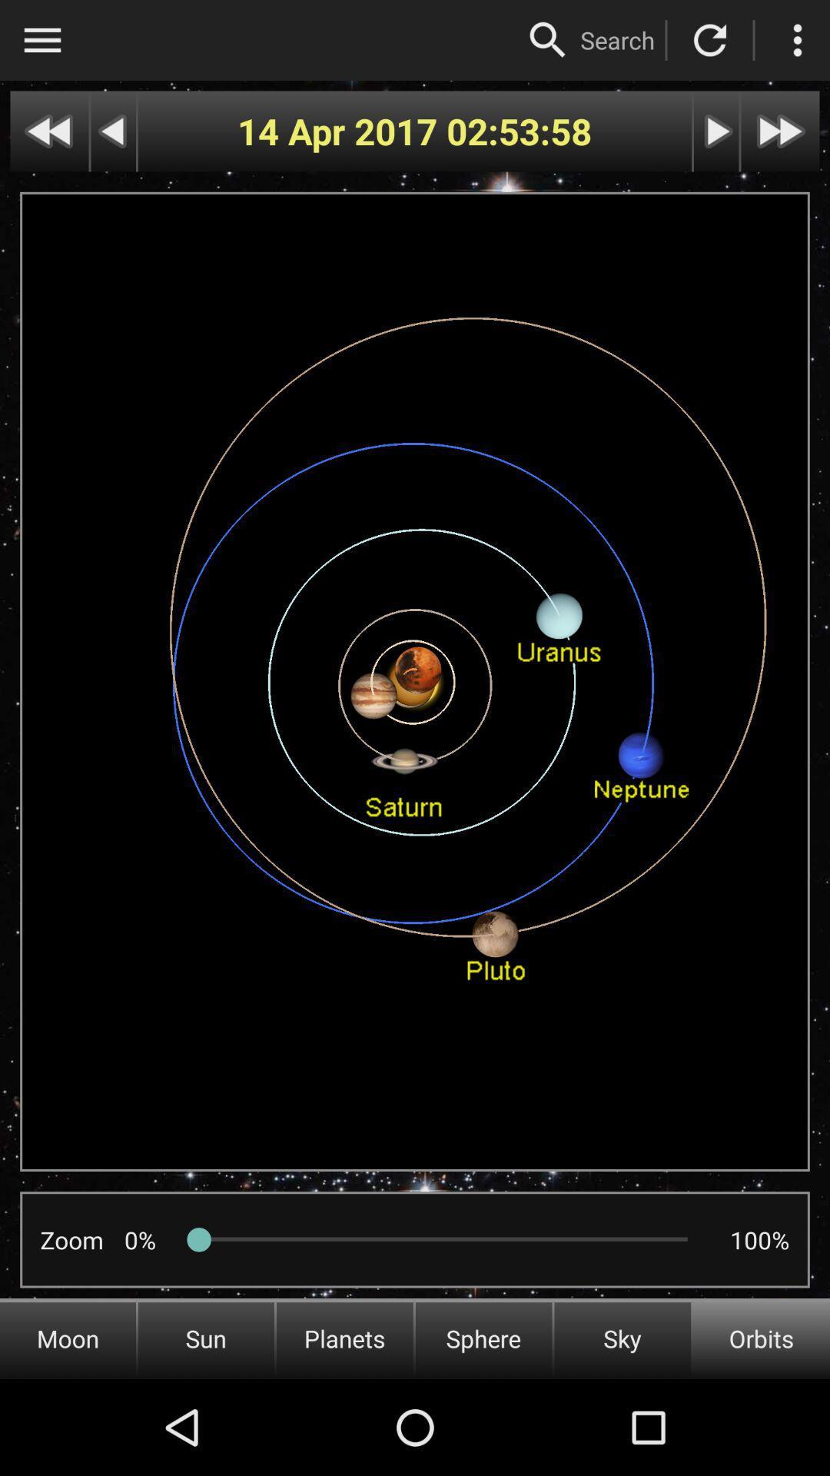  What do you see at coordinates (547, 40) in the screenshot?
I see `the search icon` at bounding box center [547, 40].